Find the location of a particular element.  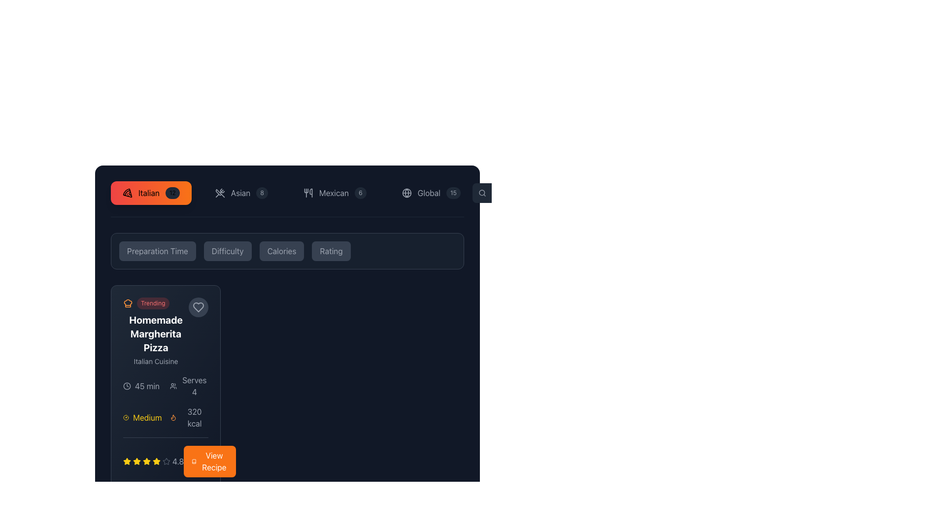

the third star icon in the rating section below the '4.8' text on the 'Homemade Margherita Pizza' card to rate it is located at coordinates (136, 461).